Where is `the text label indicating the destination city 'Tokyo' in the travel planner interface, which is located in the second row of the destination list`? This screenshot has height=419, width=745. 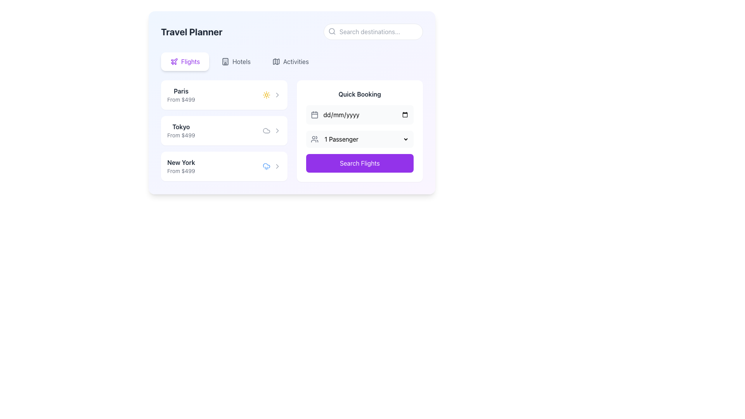 the text label indicating the destination city 'Tokyo' in the travel planner interface, which is located in the second row of the destination list is located at coordinates (180, 126).